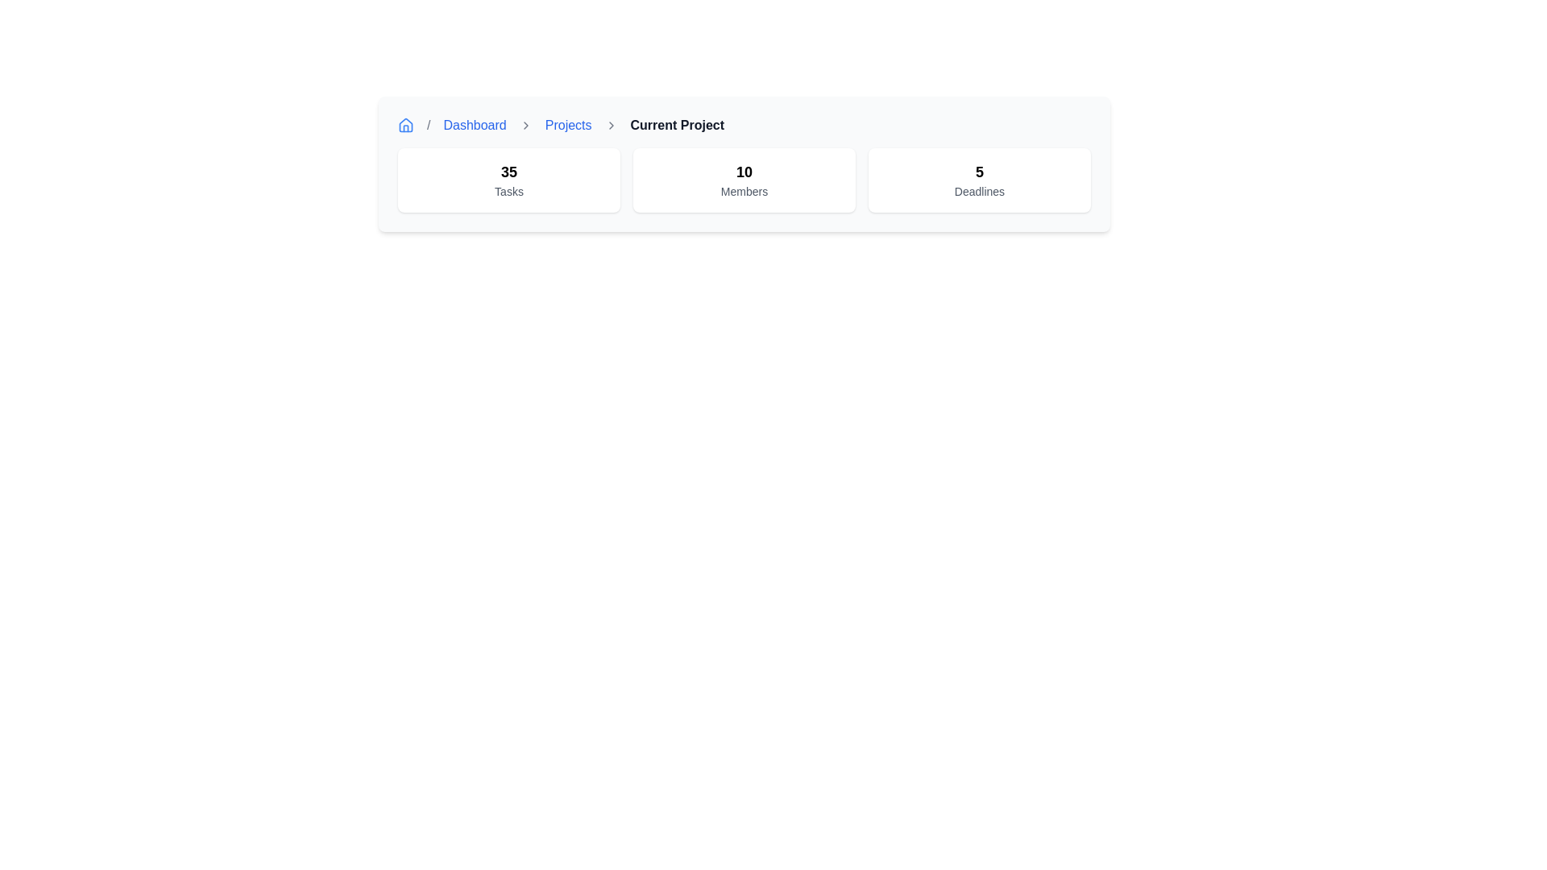 The image size is (1547, 870). What do you see at coordinates (406, 123) in the screenshot?
I see `the roof portion of the house icon located in the top-left navigation section, which is part of the breadcrumb navigation menu` at bounding box center [406, 123].